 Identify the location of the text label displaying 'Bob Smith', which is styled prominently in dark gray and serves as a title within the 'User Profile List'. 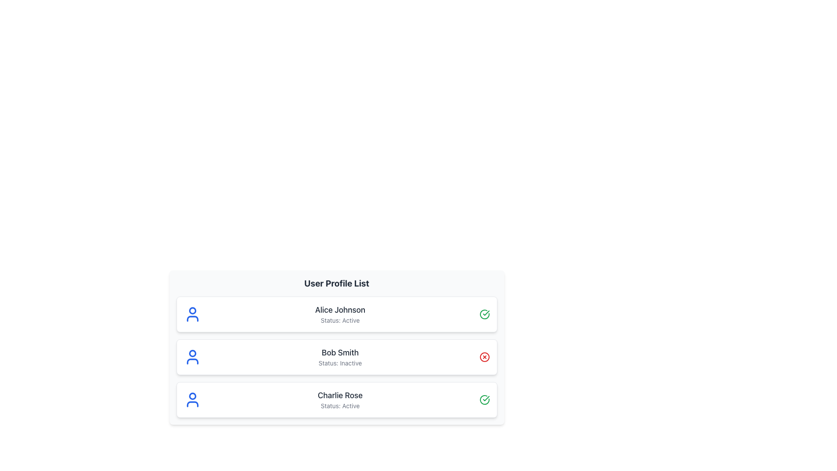
(340, 352).